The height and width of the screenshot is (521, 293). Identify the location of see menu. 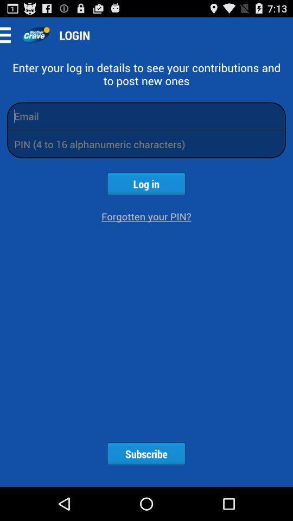
(8, 35).